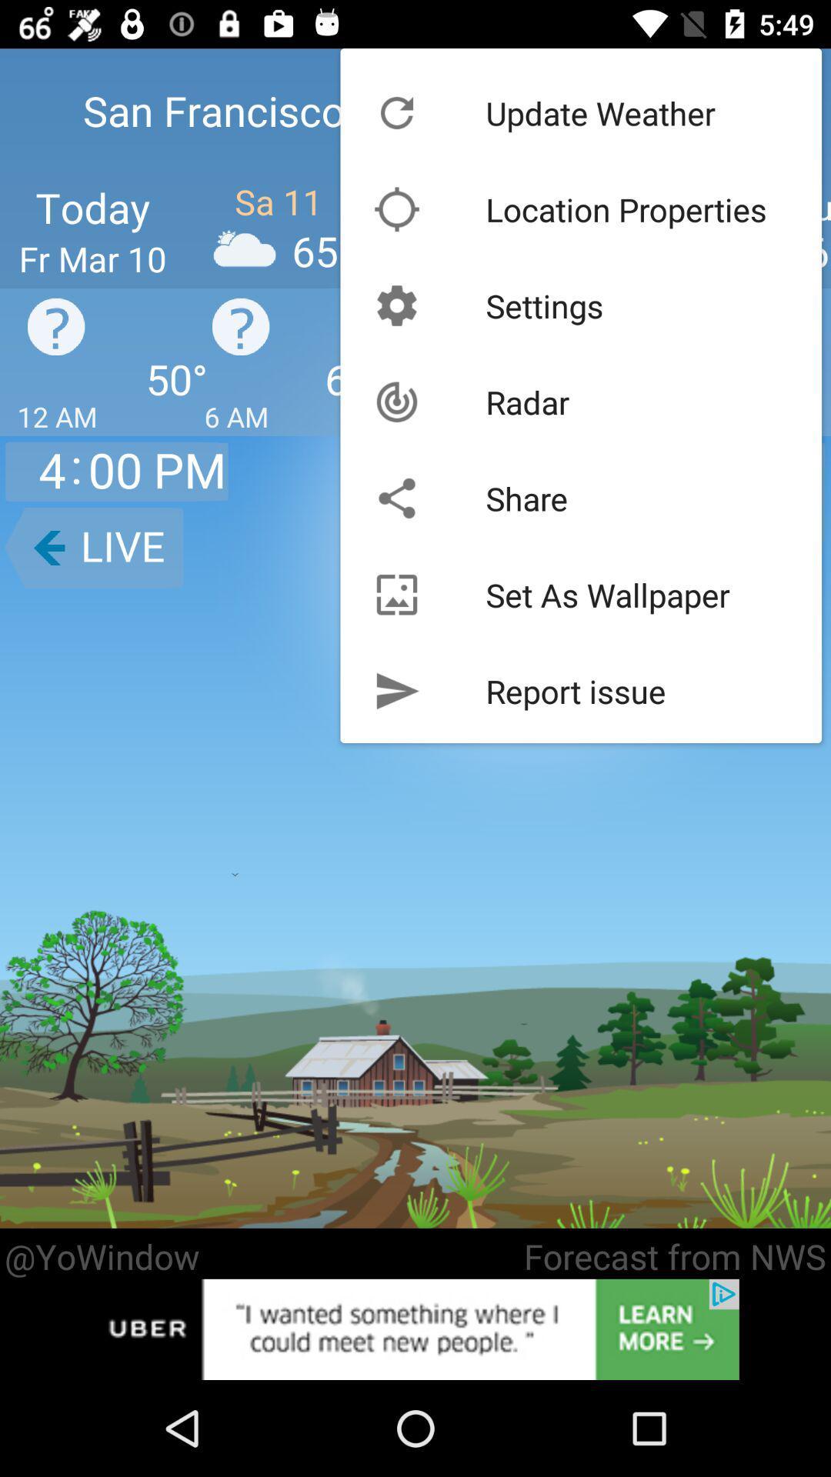 The height and width of the screenshot is (1477, 831). What do you see at coordinates (607, 594) in the screenshot?
I see `icon above the report issue item` at bounding box center [607, 594].